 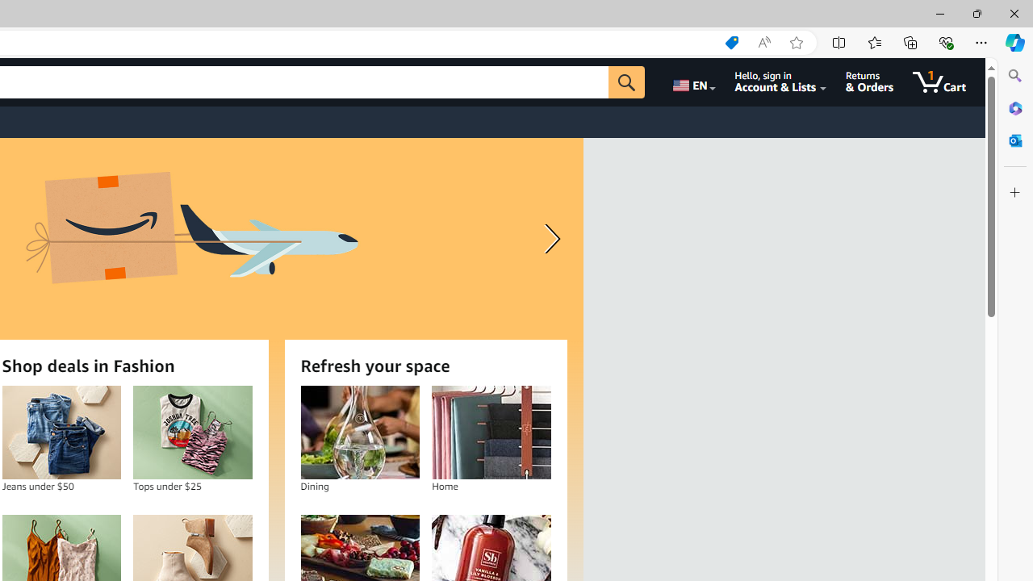 What do you see at coordinates (625, 82) in the screenshot?
I see `'Go'` at bounding box center [625, 82].